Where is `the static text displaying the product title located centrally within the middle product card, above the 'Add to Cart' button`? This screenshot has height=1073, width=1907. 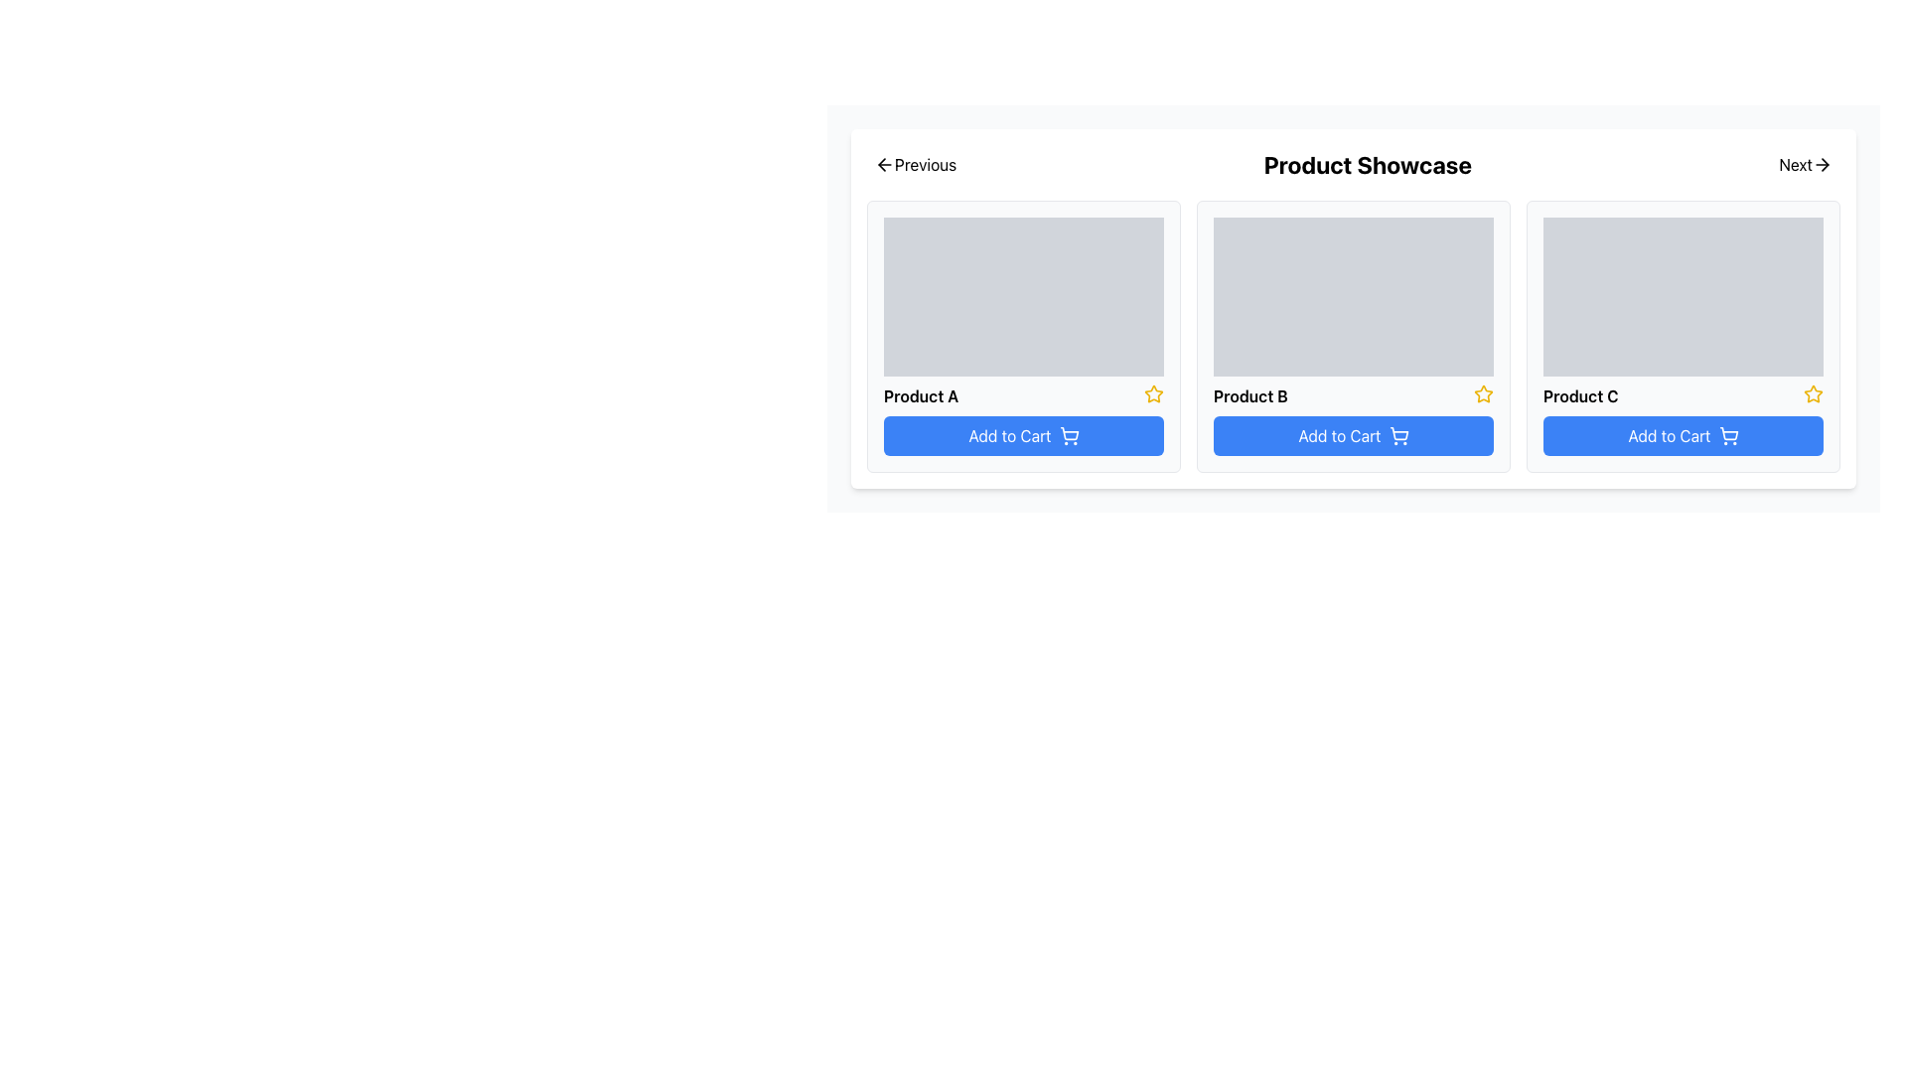 the static text displaying the product title located centrally within the middle product card, above the 'Add to Cart' button is located at coordinates (1249, 395).